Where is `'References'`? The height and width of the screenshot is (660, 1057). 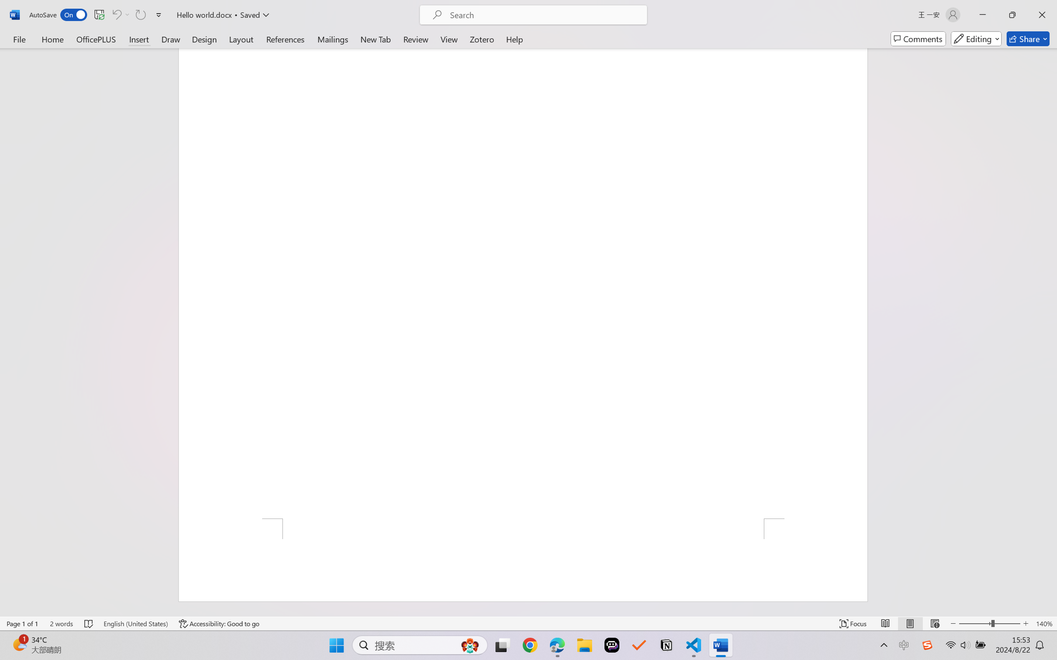 'References' is located at coordinates (285, 38).